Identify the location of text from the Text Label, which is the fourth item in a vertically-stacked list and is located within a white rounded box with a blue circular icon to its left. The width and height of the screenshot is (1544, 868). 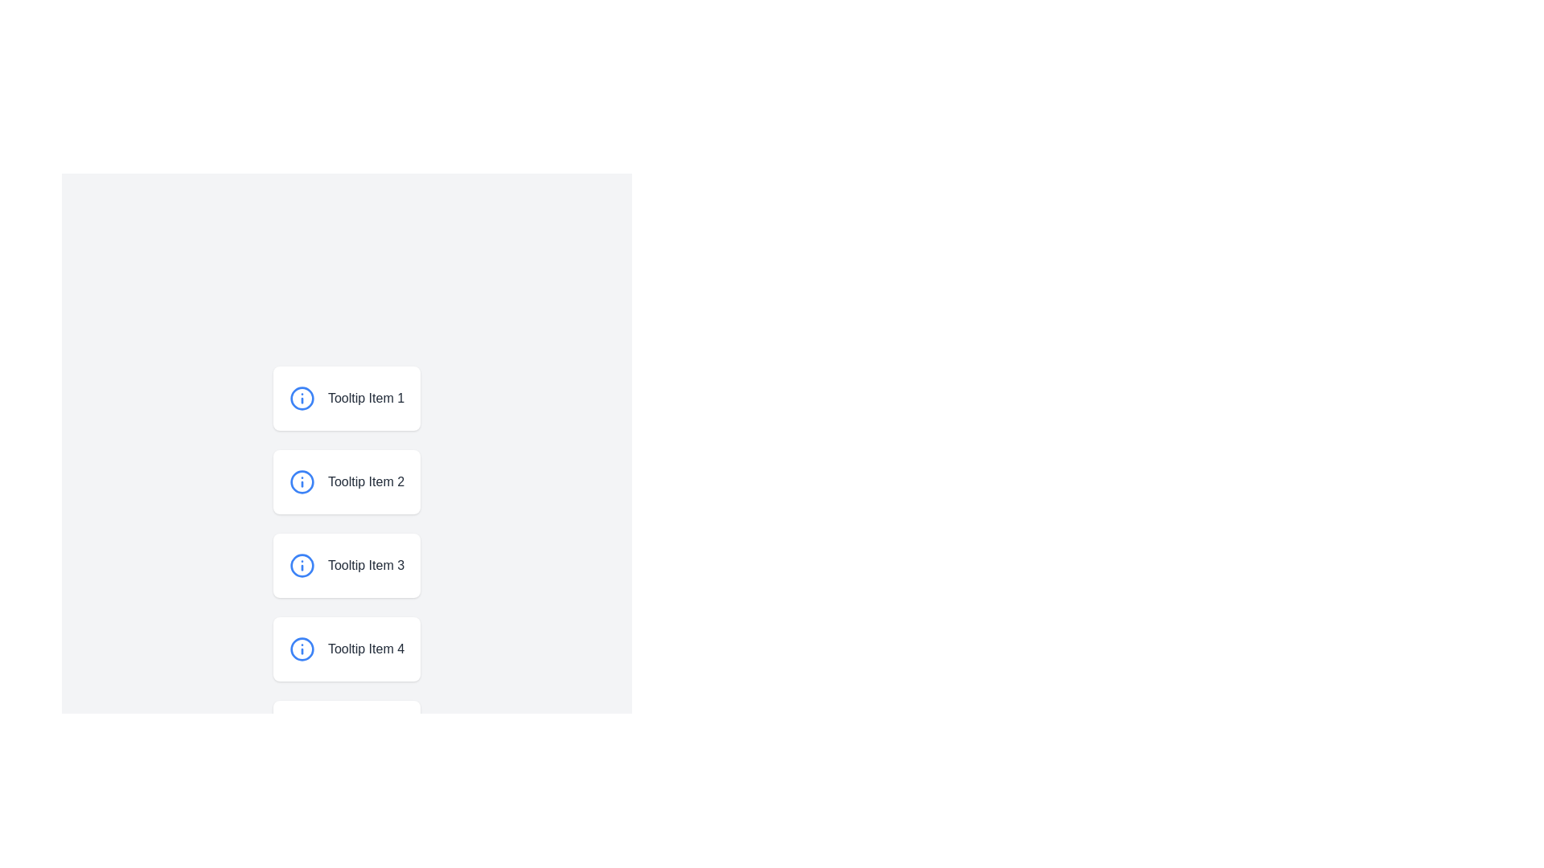
(359, 648).